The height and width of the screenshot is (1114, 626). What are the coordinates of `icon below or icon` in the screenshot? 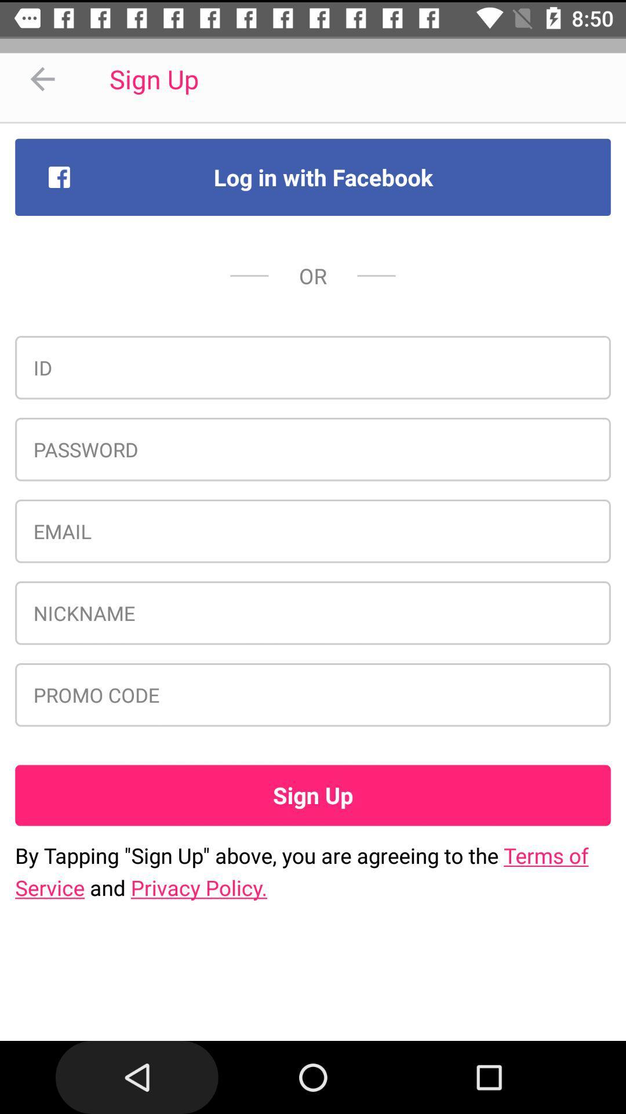 It's located at (313, 367).